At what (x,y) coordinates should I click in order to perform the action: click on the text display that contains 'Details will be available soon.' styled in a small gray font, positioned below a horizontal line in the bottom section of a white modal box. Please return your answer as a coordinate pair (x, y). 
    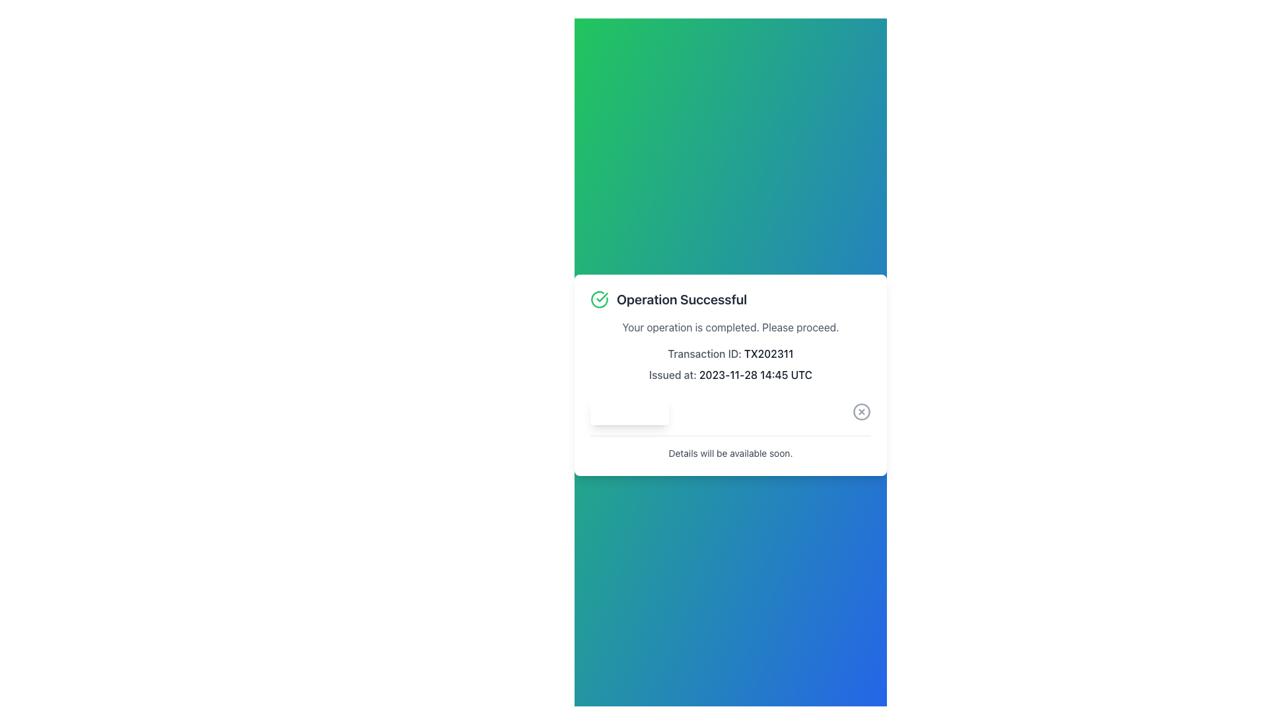
    Looking at the image, I should click on (730, 452).